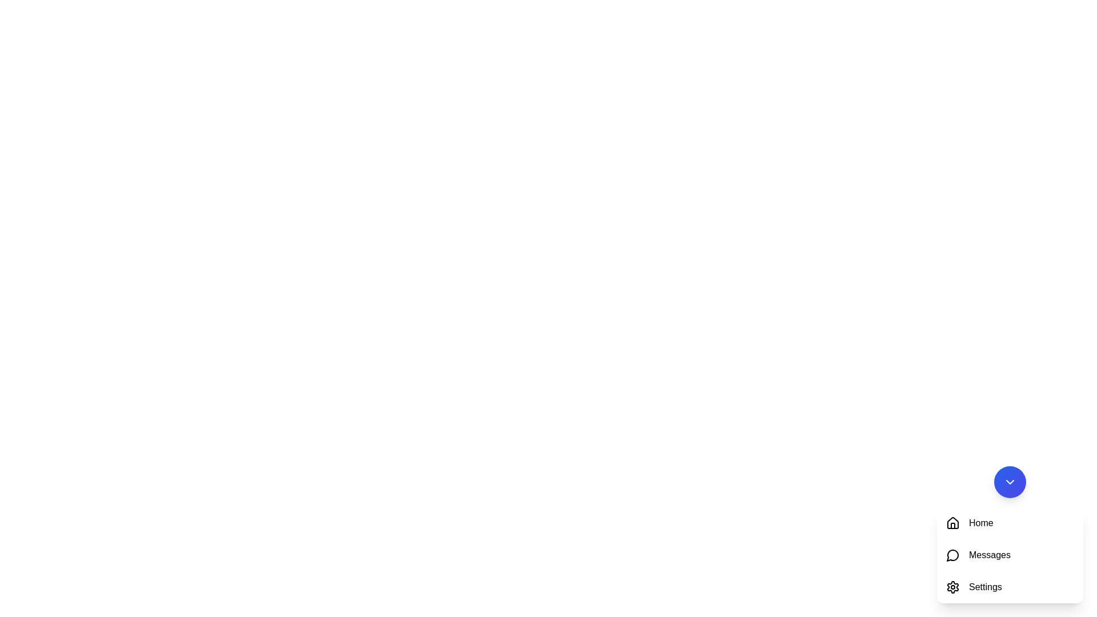 This screenshot has width=1097, height=617. I want to click on the 'Settings' button with a gear icon located in the side menu, which changes to a red background with white text on hover, so click(1010, 587).